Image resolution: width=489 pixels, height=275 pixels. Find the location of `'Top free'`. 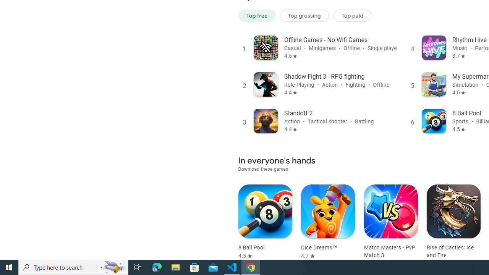

'Top free' is located at coordinates (257, 15).